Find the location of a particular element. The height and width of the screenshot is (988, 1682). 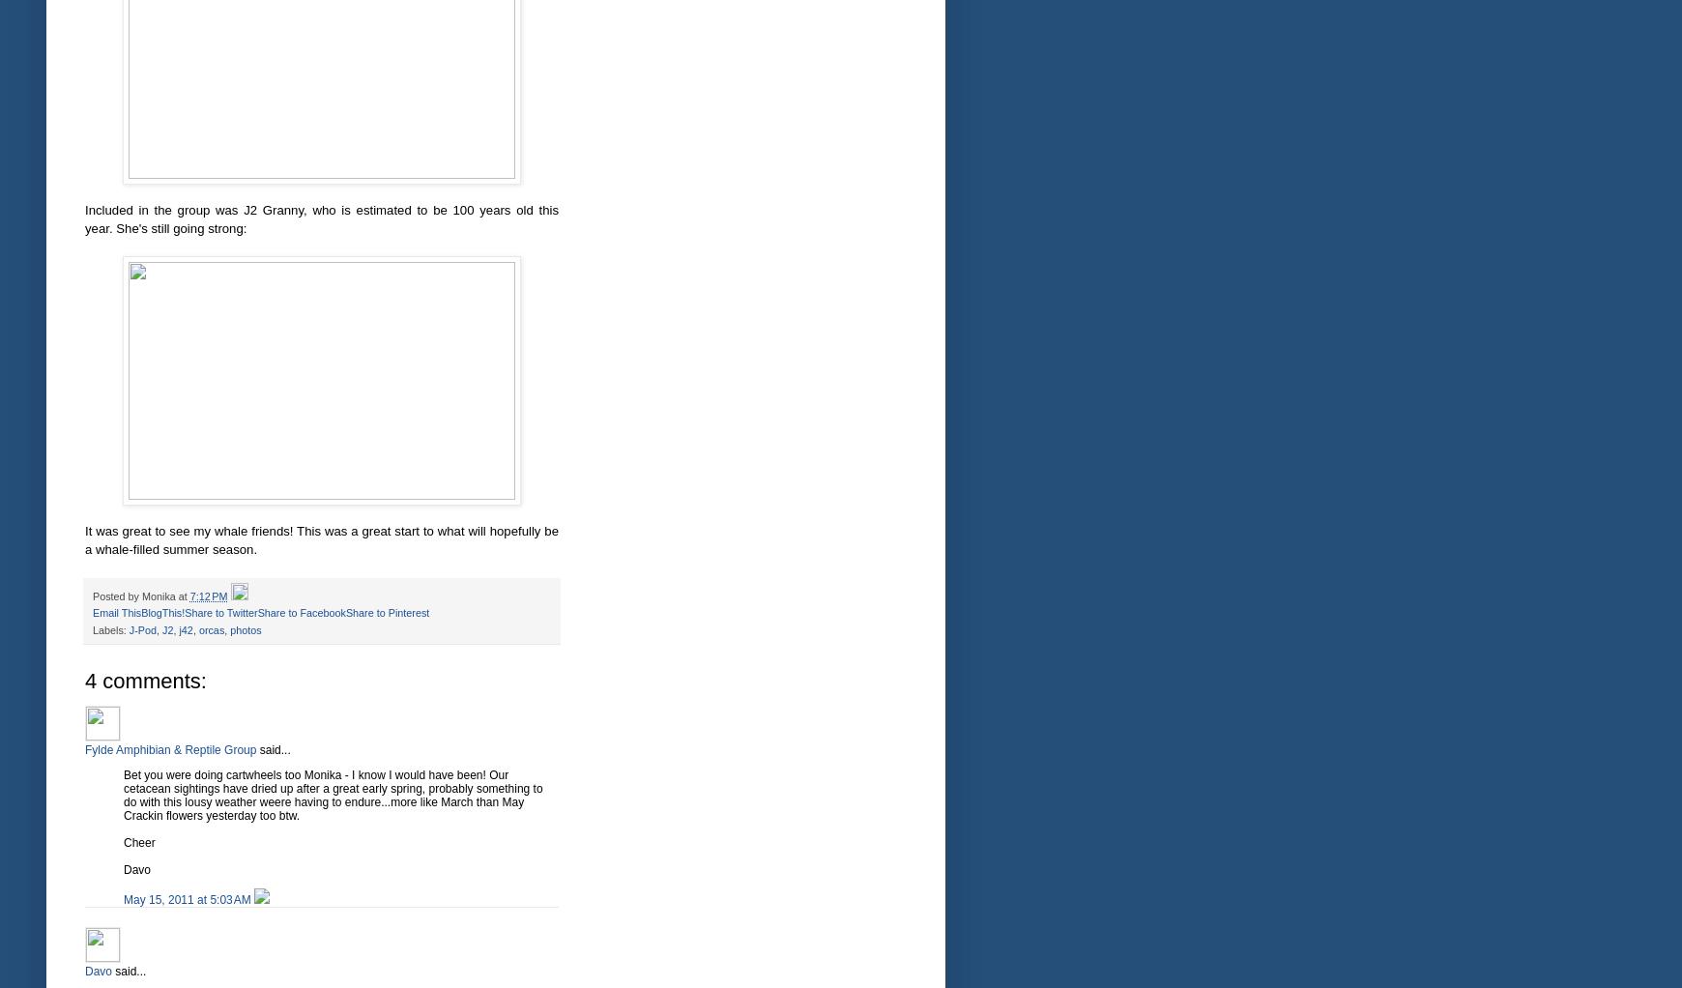

'Labels:' is located at coordinates (92, 629).